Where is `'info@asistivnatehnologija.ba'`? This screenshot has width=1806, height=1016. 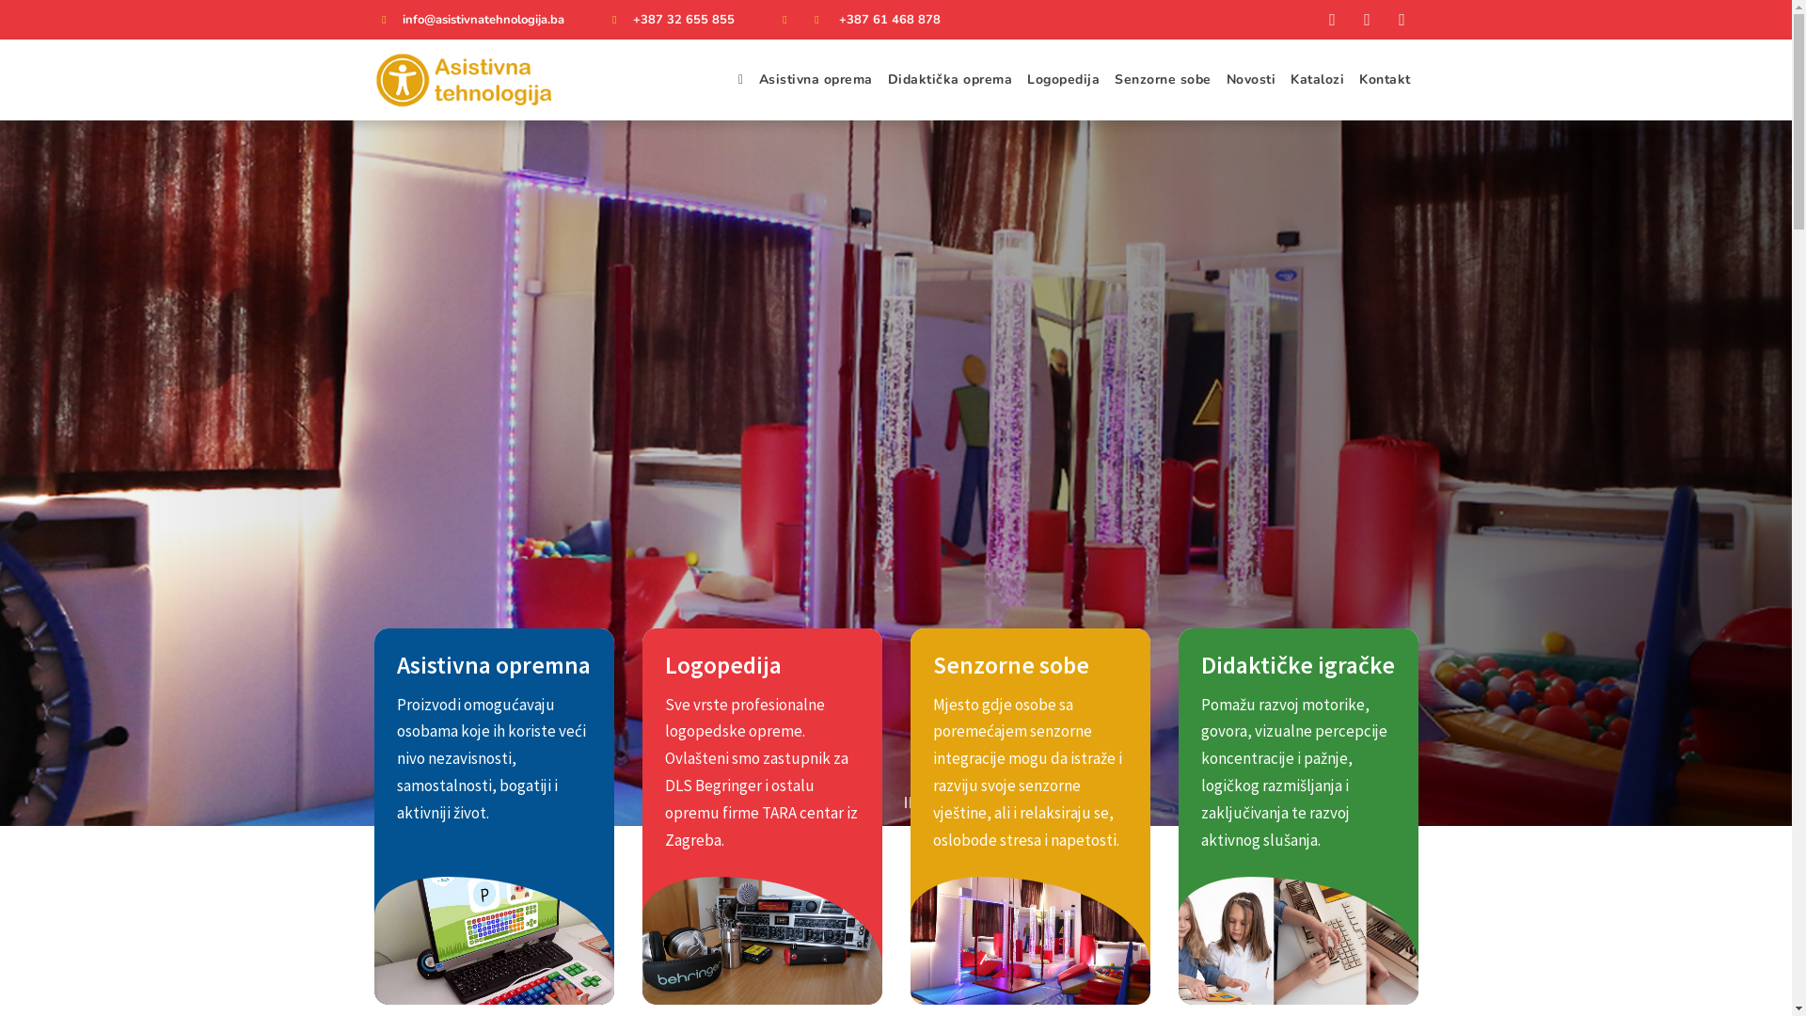
'info@asistivnatehnologija.ba' is located at coordinates (483, 19).